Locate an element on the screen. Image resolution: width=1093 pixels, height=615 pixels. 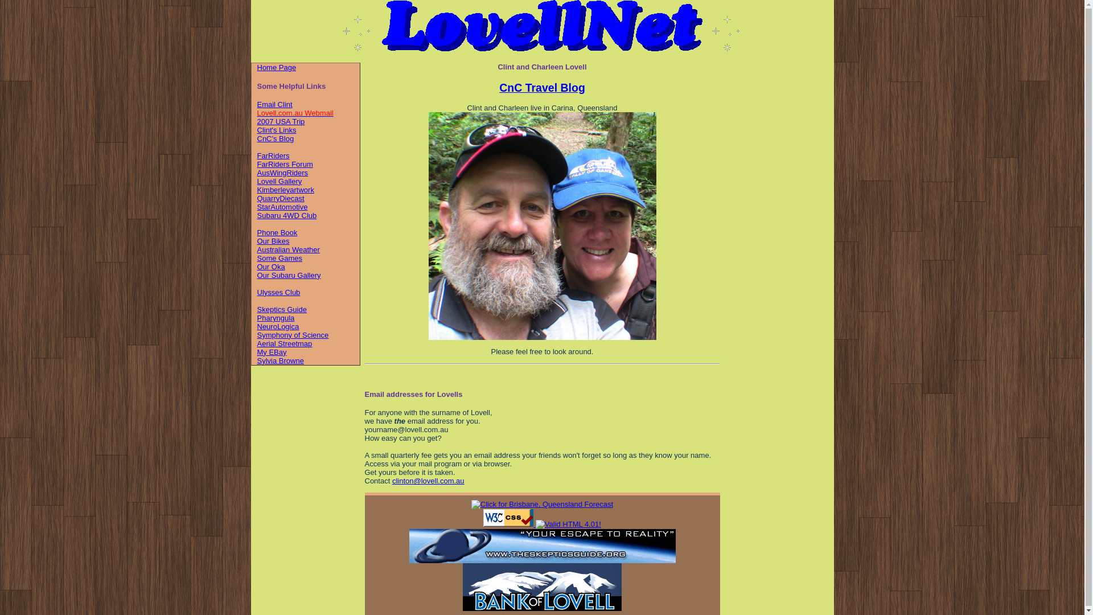
'My EBay' is located at coordinates (272, 351).